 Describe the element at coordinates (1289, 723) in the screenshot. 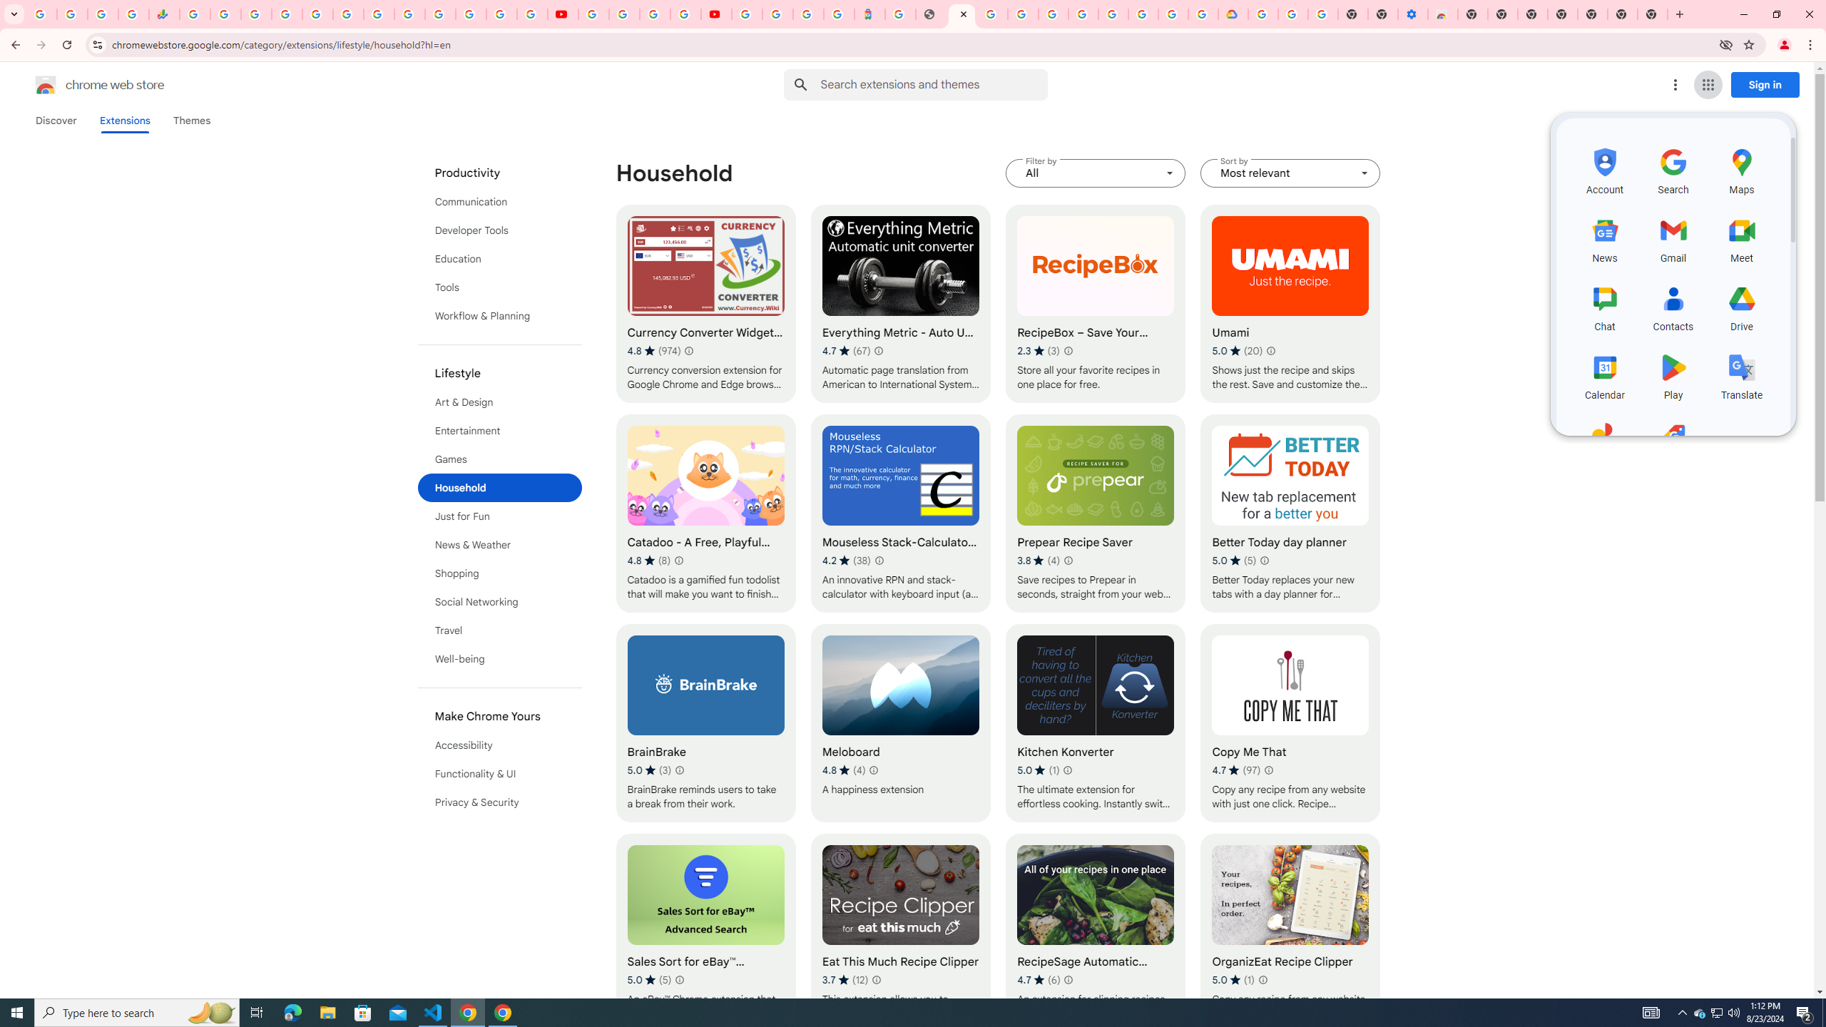

I see `'Copy Me That'` at that location.